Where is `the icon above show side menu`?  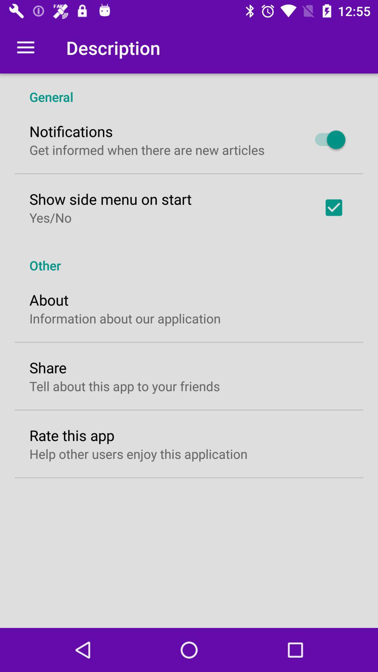
the icon above show side menu is located at coordinates (147, 149).